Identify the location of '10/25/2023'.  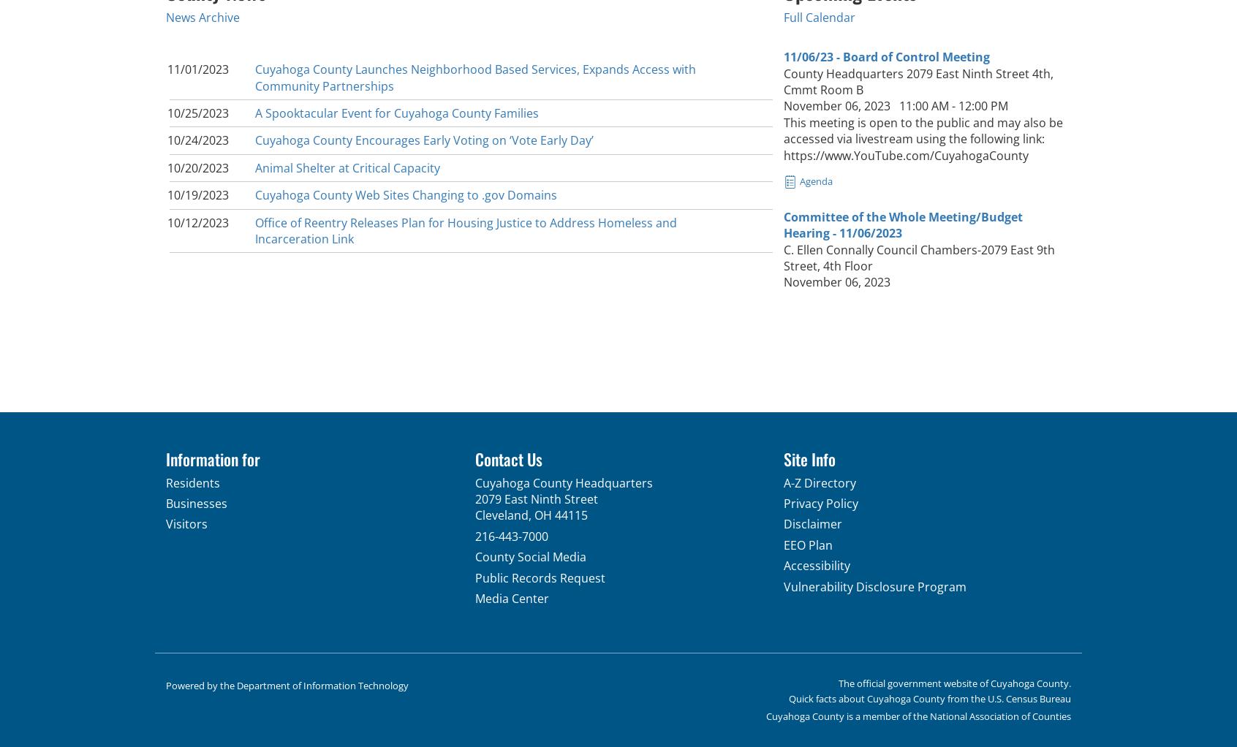
(167, 113).